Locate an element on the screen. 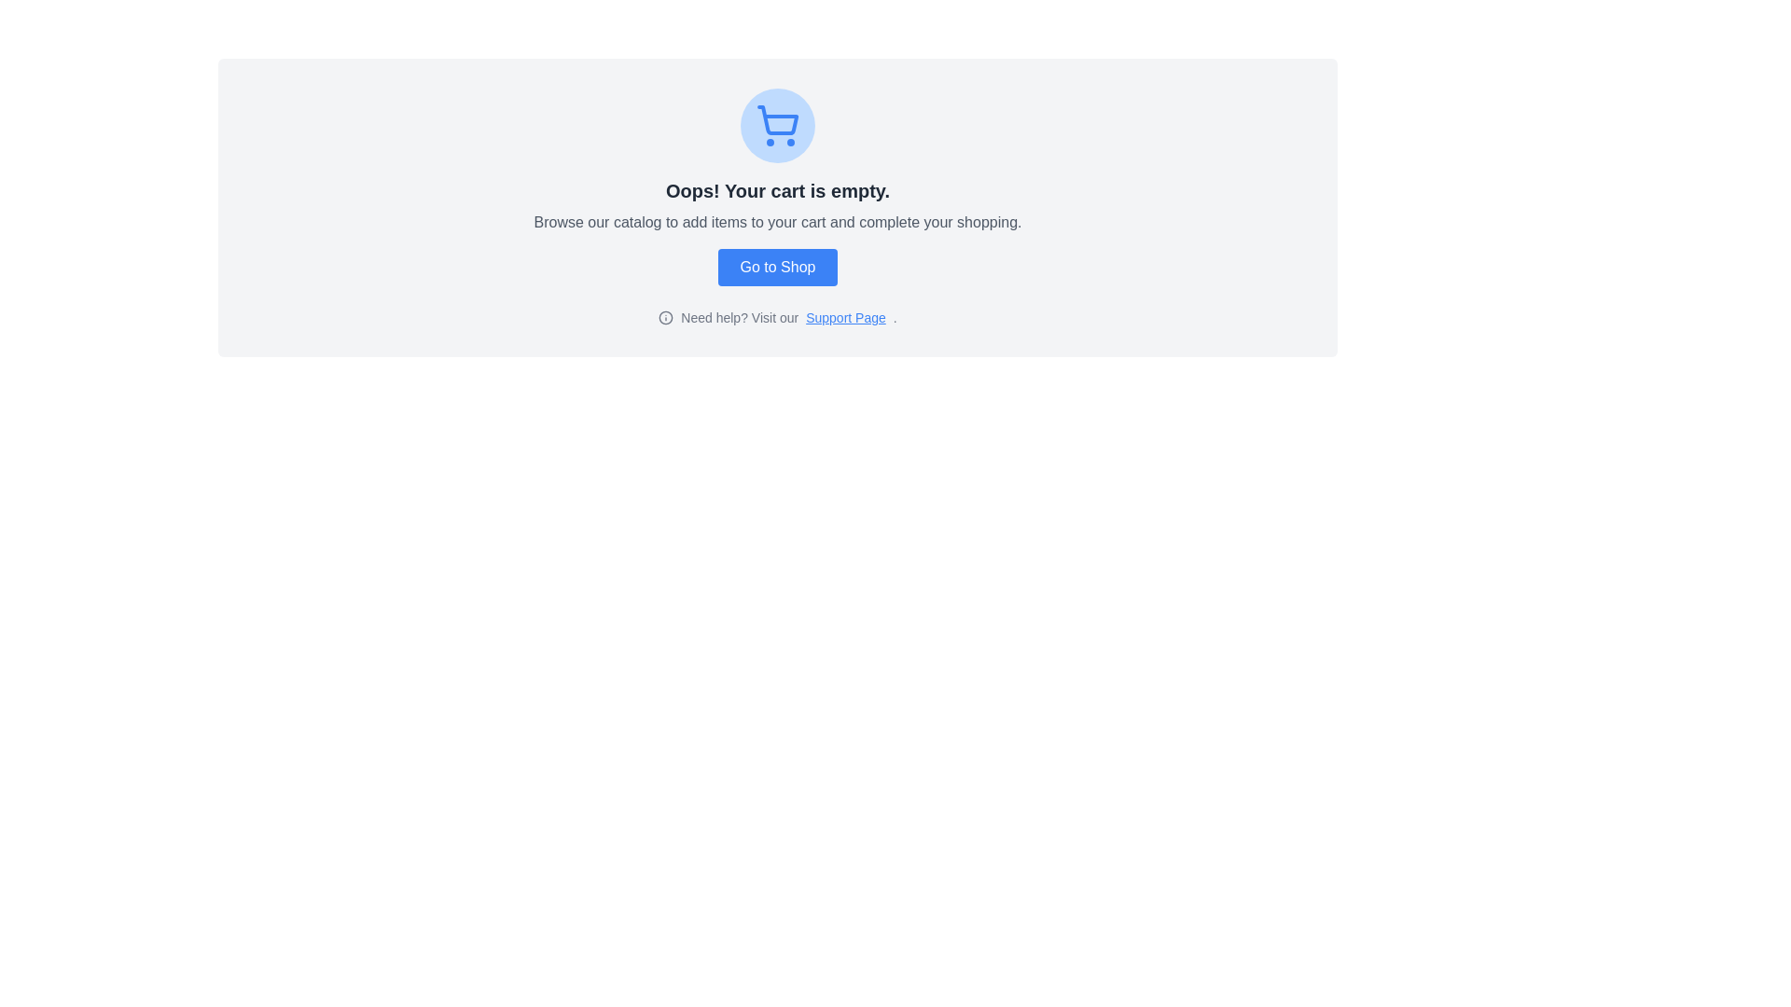  the graphical icon representing an empty shopping cart status, which is located centrally above the 'Oops! Your cart is empty.' text is located at coordinates (778, 126).